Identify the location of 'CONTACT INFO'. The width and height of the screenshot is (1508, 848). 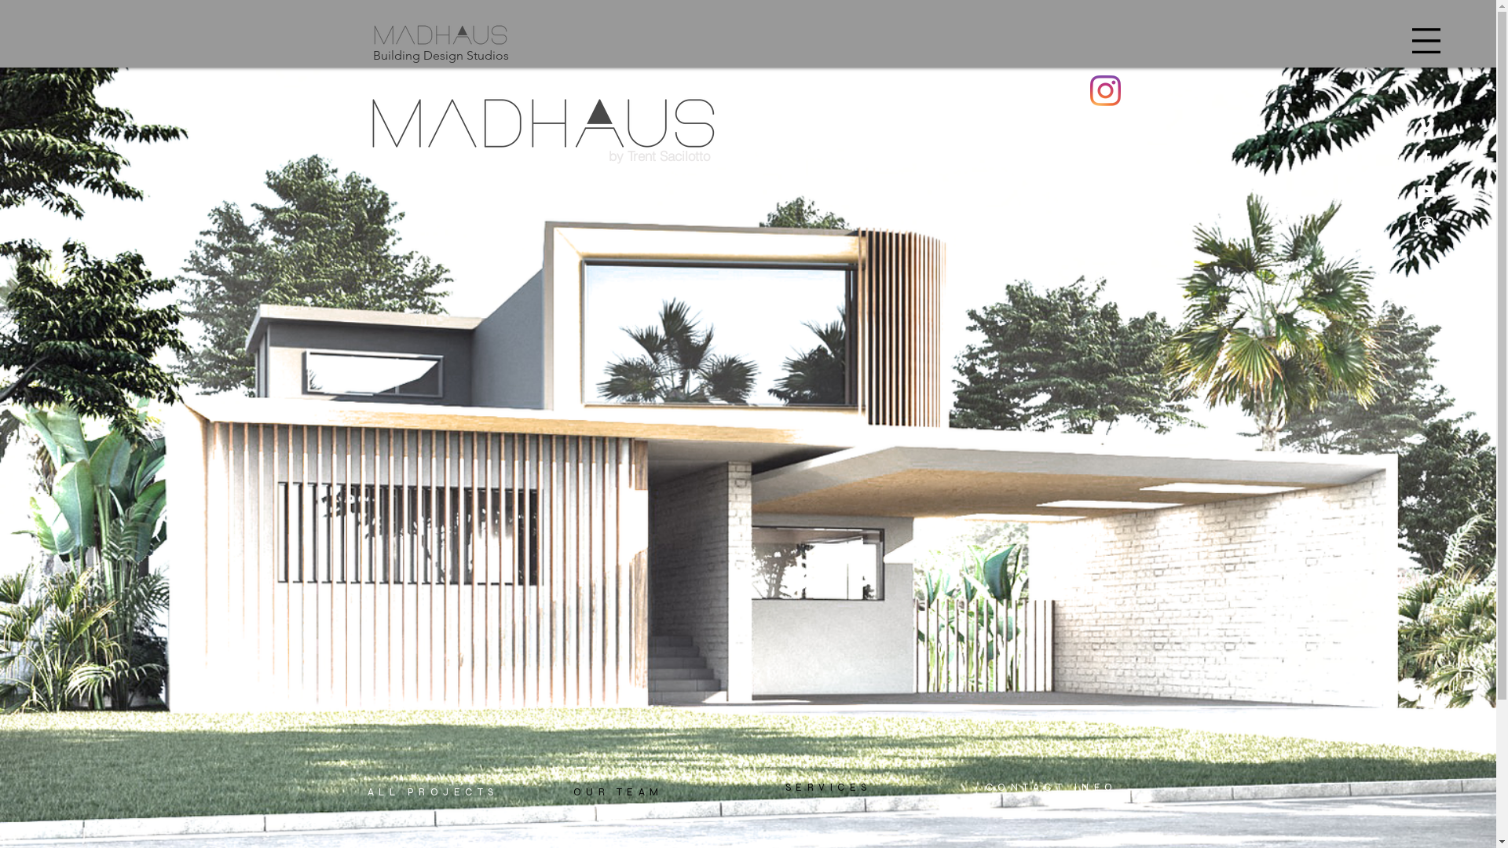
(1051, 787).